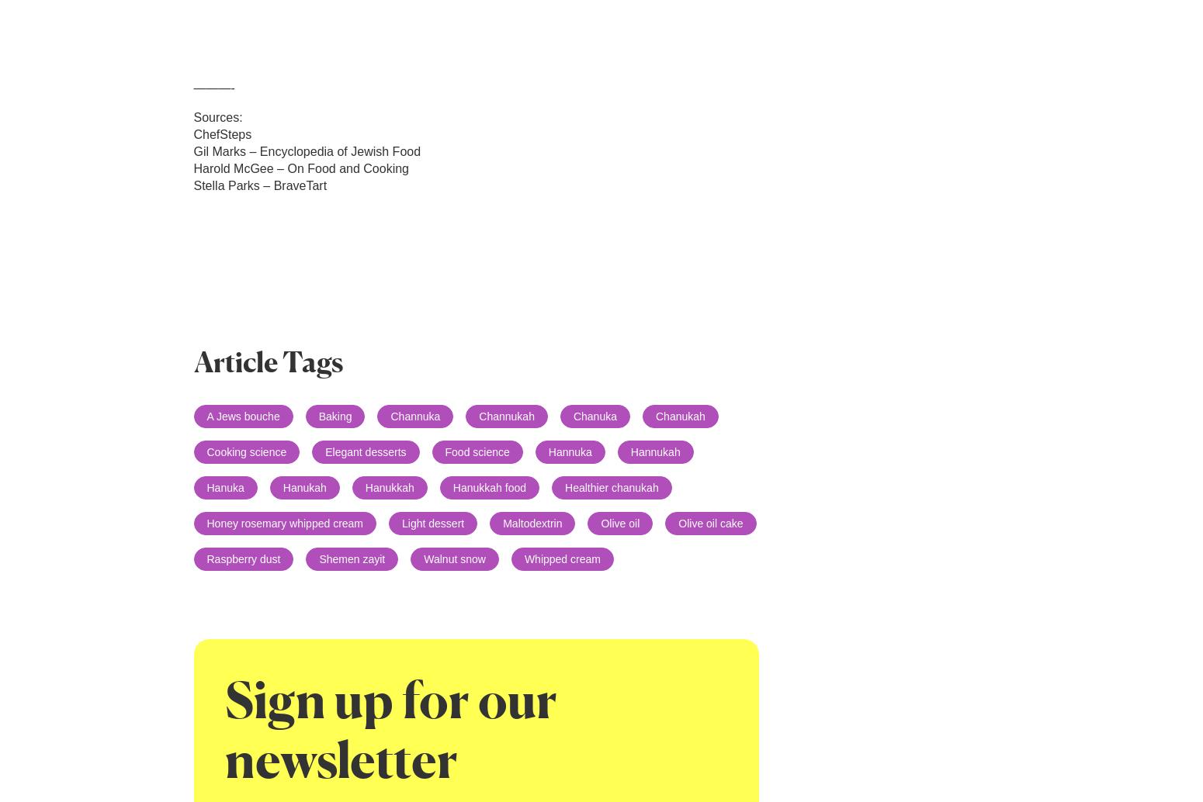  I want to click on 'Channuka', so click(414, 416).